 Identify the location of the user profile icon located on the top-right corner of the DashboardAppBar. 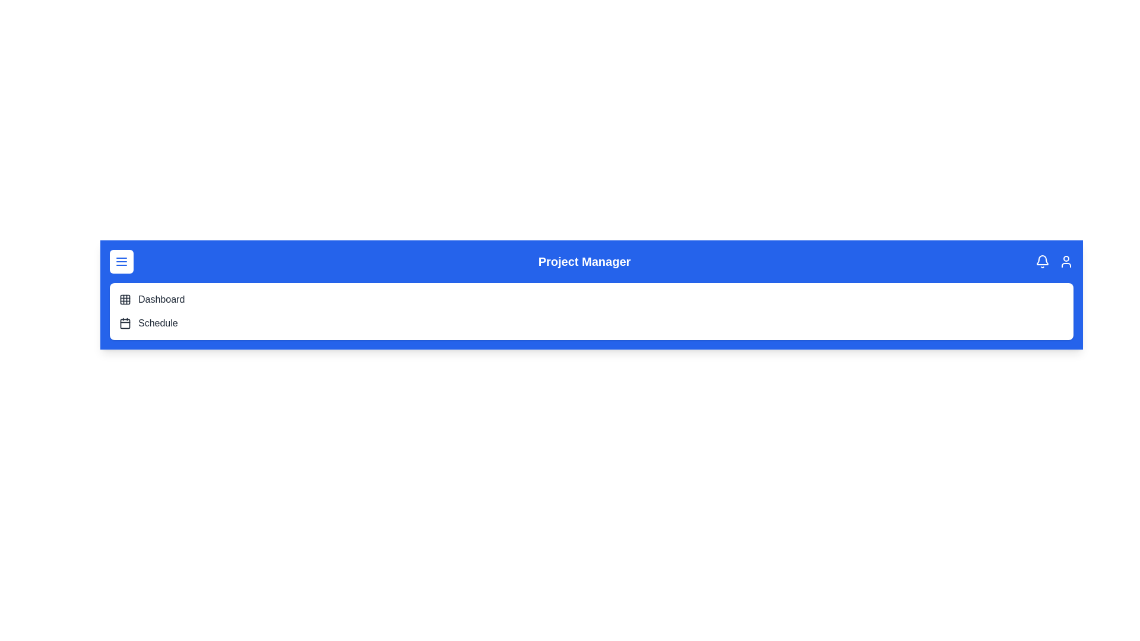
(1066, 261).